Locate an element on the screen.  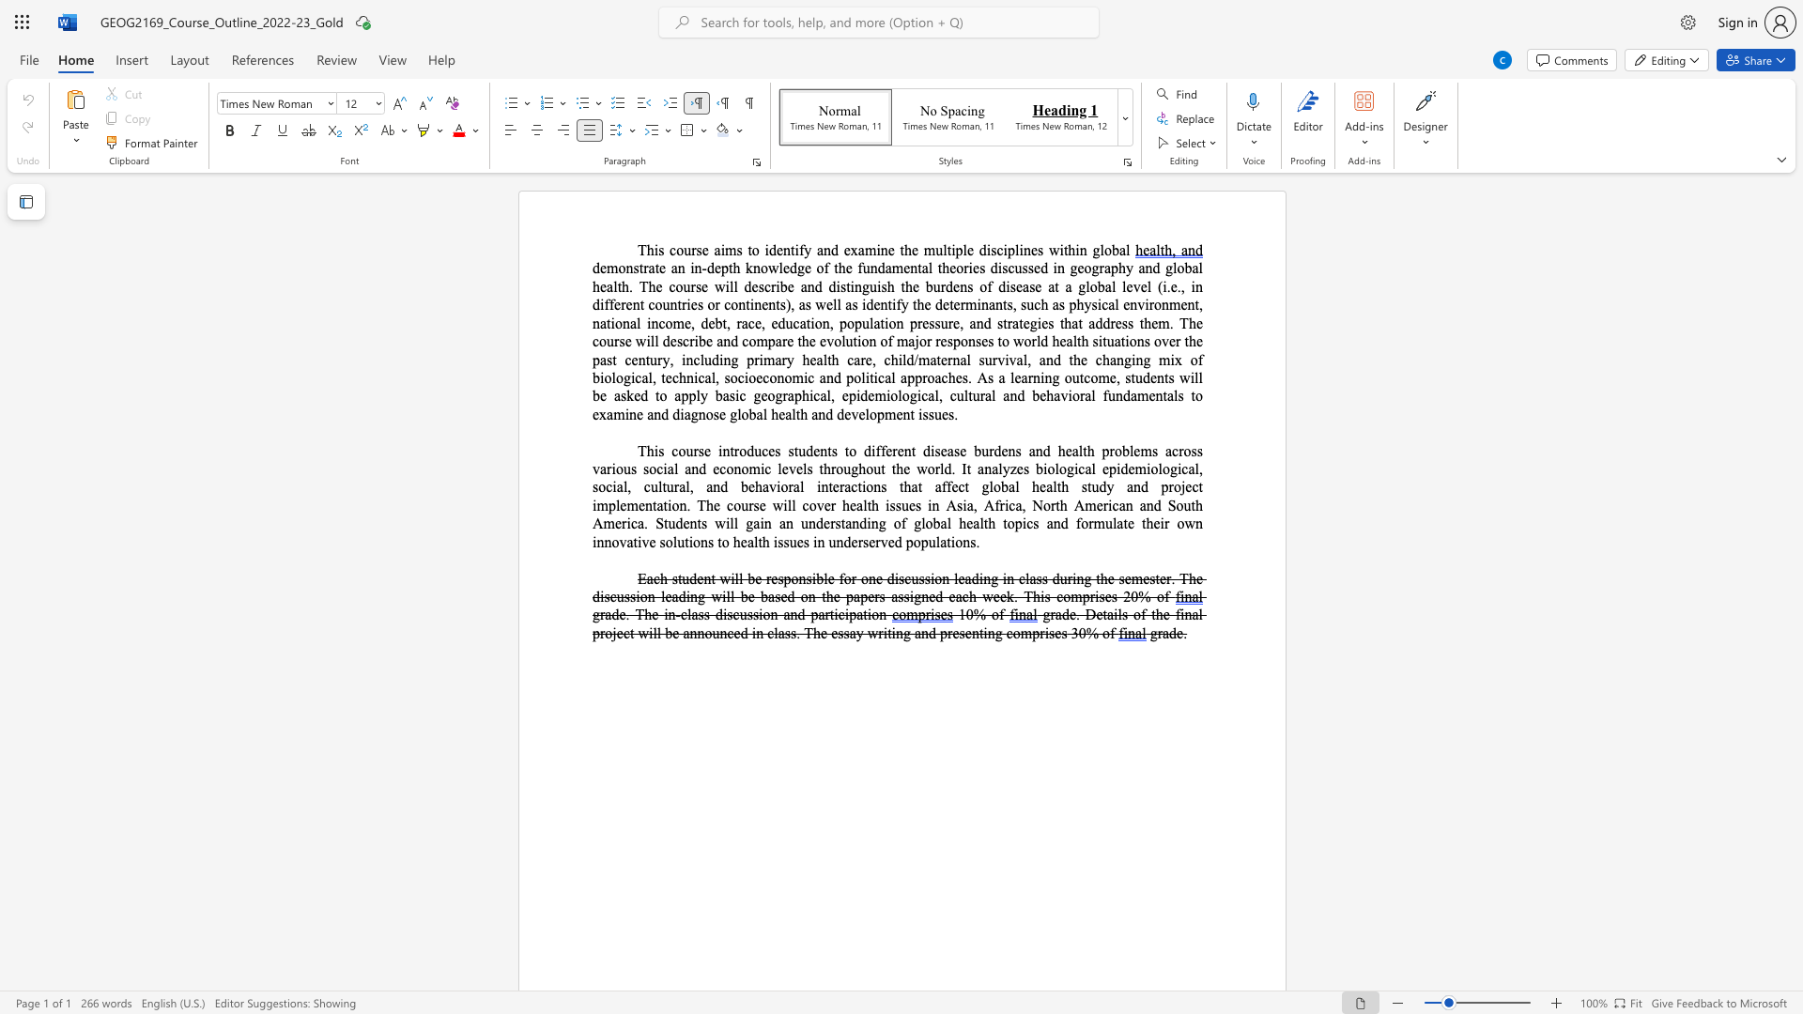
the 3th character "r" in the text is located at coordinates (949, 633).